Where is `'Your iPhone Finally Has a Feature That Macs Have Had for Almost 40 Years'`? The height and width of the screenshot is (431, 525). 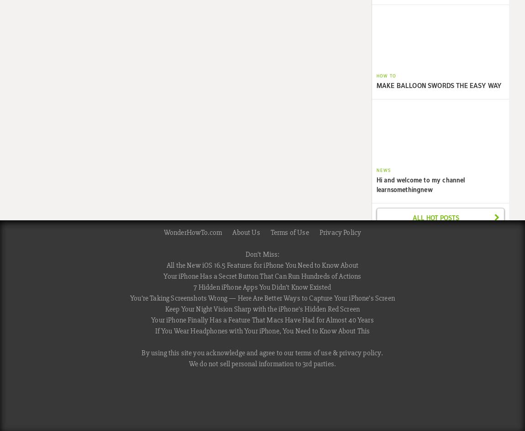 'Your iPhone Finally Has a Feature That Macs Have Had for Almost 40 Years' is located at coordinates (262, 320).